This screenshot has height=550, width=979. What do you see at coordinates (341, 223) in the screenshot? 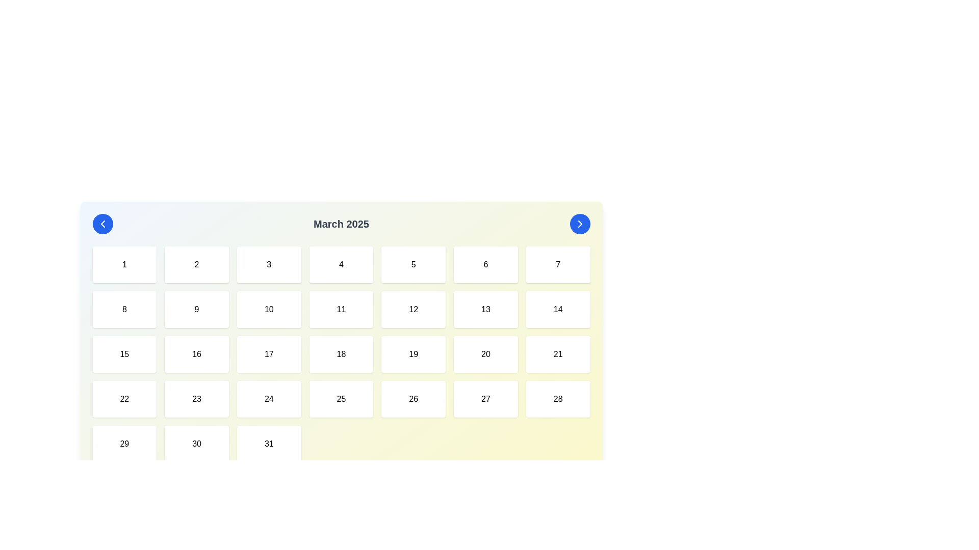
I see `the 'March 2025' text label, which is displayed in bold dark gray font against a light background, centrally located in the header section of the calendar interface` at bounding box center [341, 223].